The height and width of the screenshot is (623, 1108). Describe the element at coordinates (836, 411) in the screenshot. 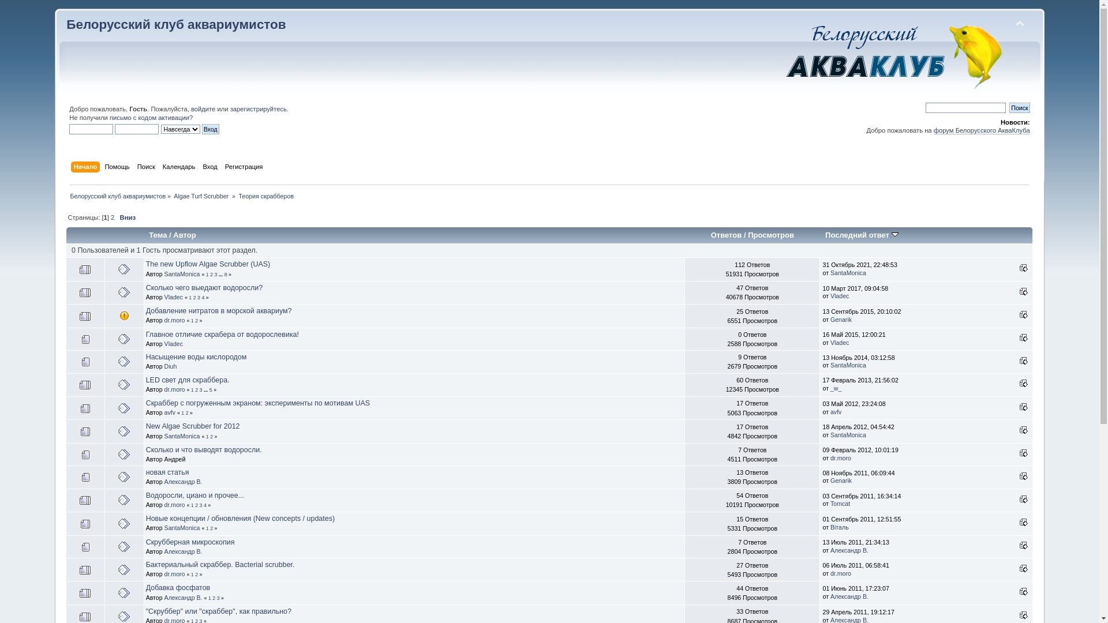

I see `'avfv'` at that location.